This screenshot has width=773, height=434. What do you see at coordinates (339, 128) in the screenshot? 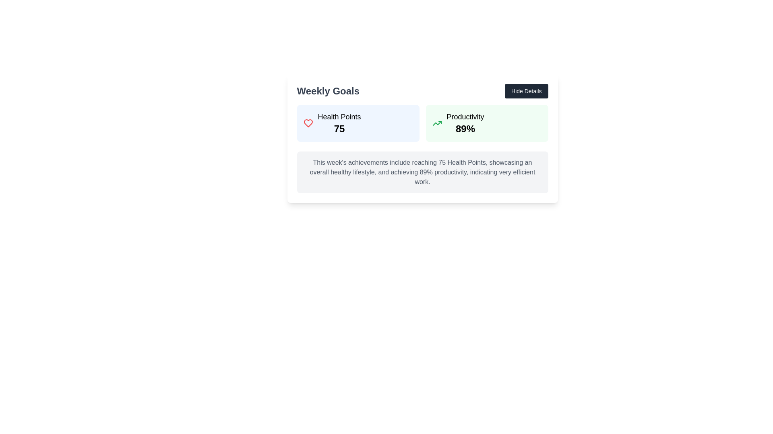
I see `value displayed in the bold numeric text labeled 'Health Points' in the left blue-highlighted section of the 'Weekly Goals' layout, which shows '75'` at bounding box center [339, 128].